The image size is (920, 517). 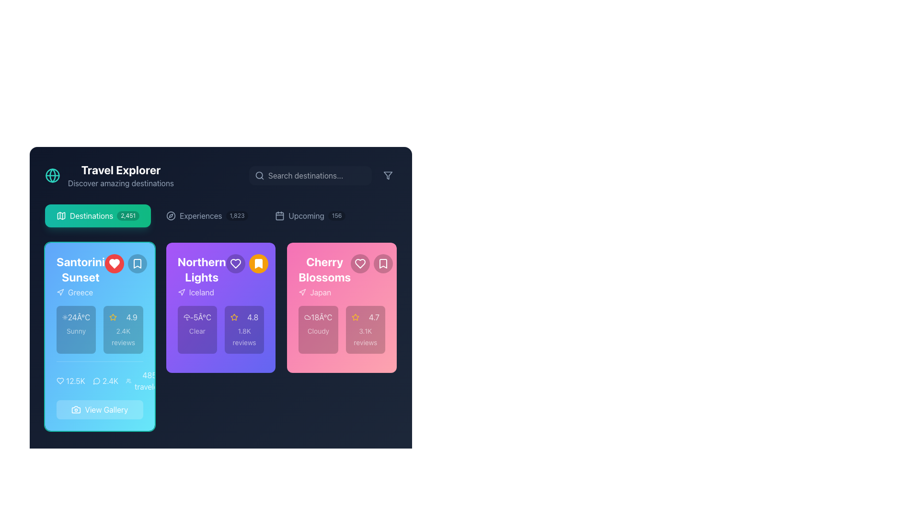 I want to click on the text label displaying 'Japan' in white color, located within the pink 'Cherry Blossoms' card, which is the third card in a row of three cards at the top of the interface, so click(x=321, y=292).